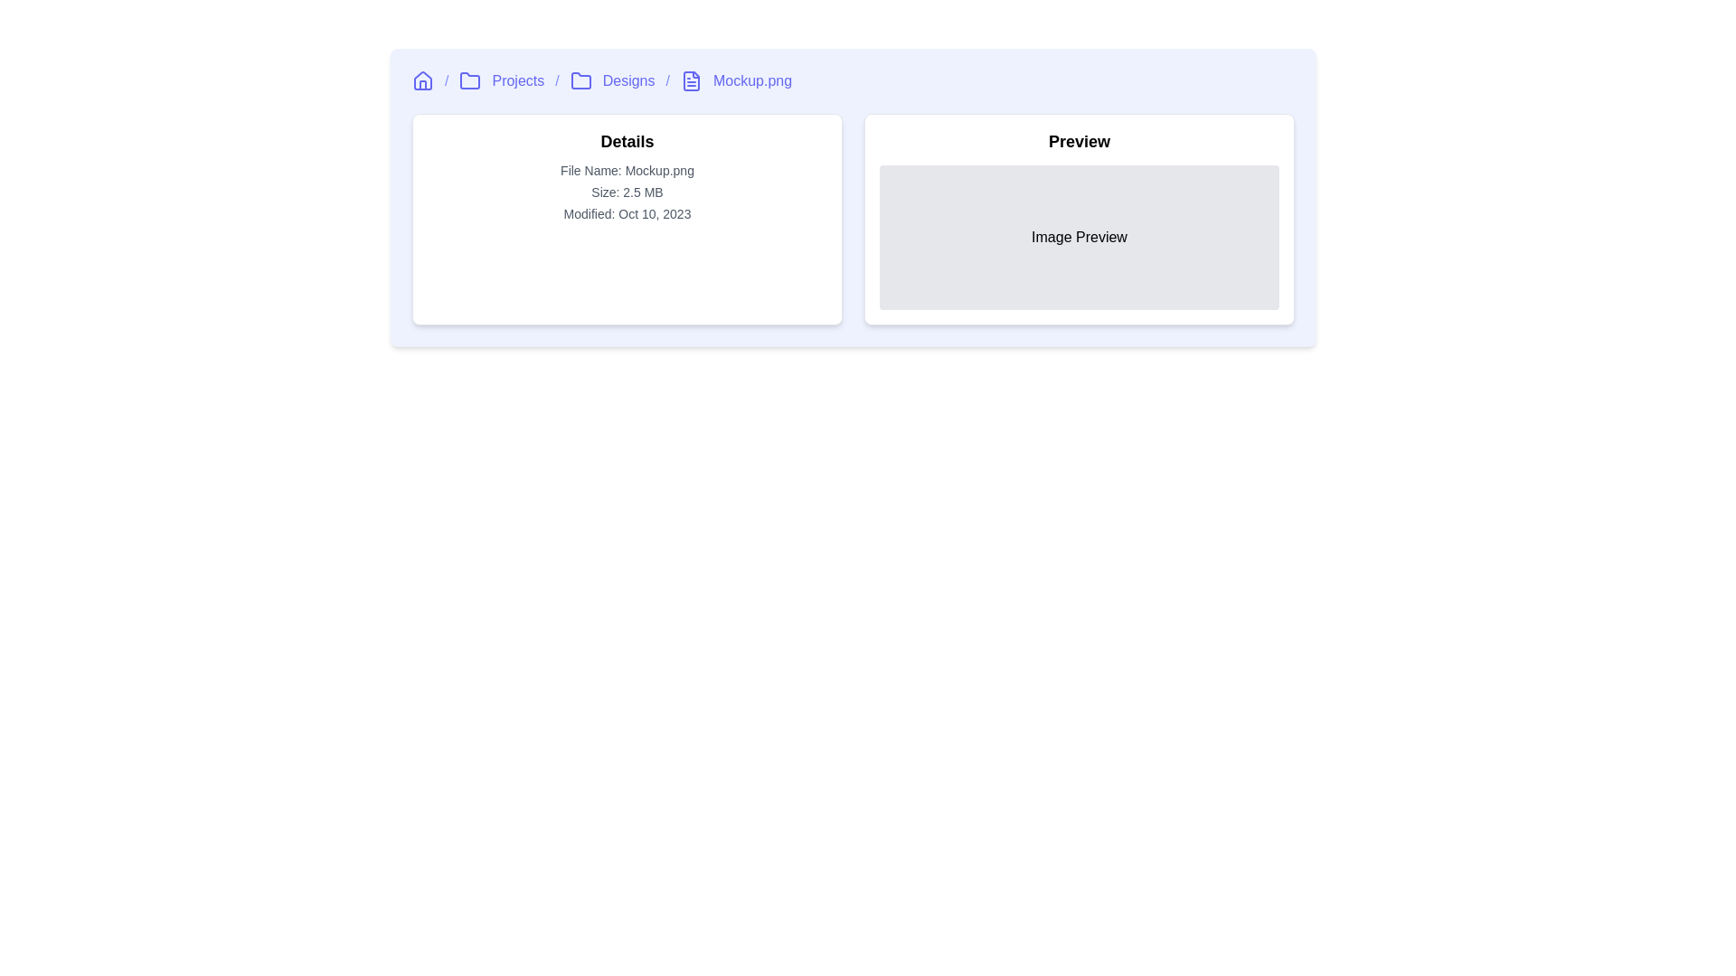 The image size is (1736, 976). Describe the element at coordinates (627, 141) in the screenshot. I see `the bold text label 'Details', which serves as the heading for the section and is visually separated from the subsequent information` at that location.